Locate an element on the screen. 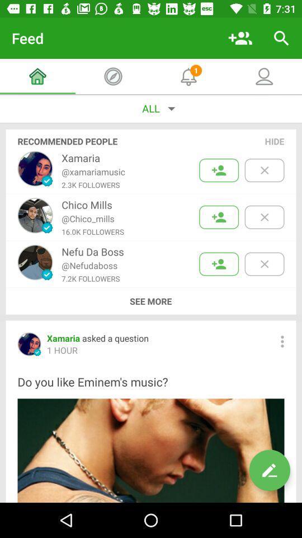 The width and height of the screenshot is (302, 538). the edit icon is located at coordinates (269, 470).